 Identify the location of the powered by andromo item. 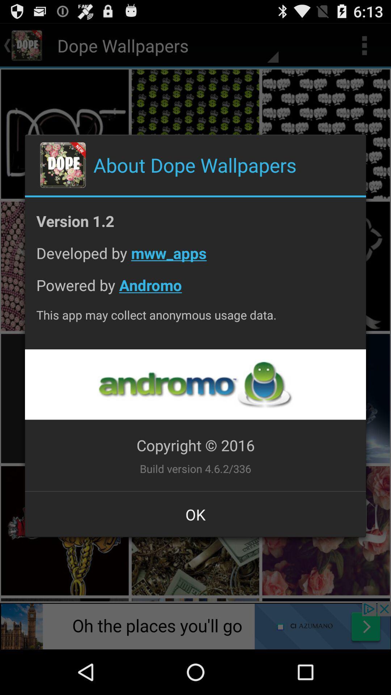
(195, 291).